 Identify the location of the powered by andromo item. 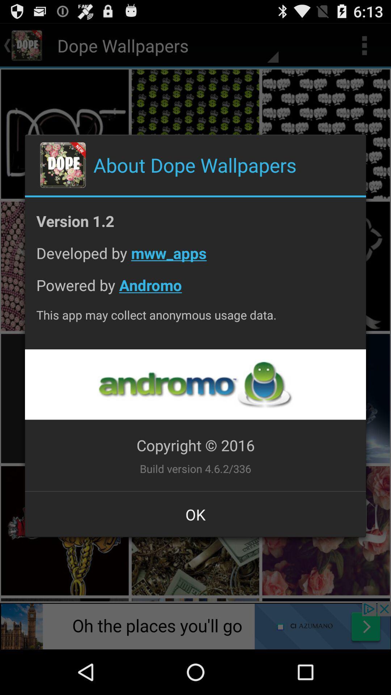
(195, 291).